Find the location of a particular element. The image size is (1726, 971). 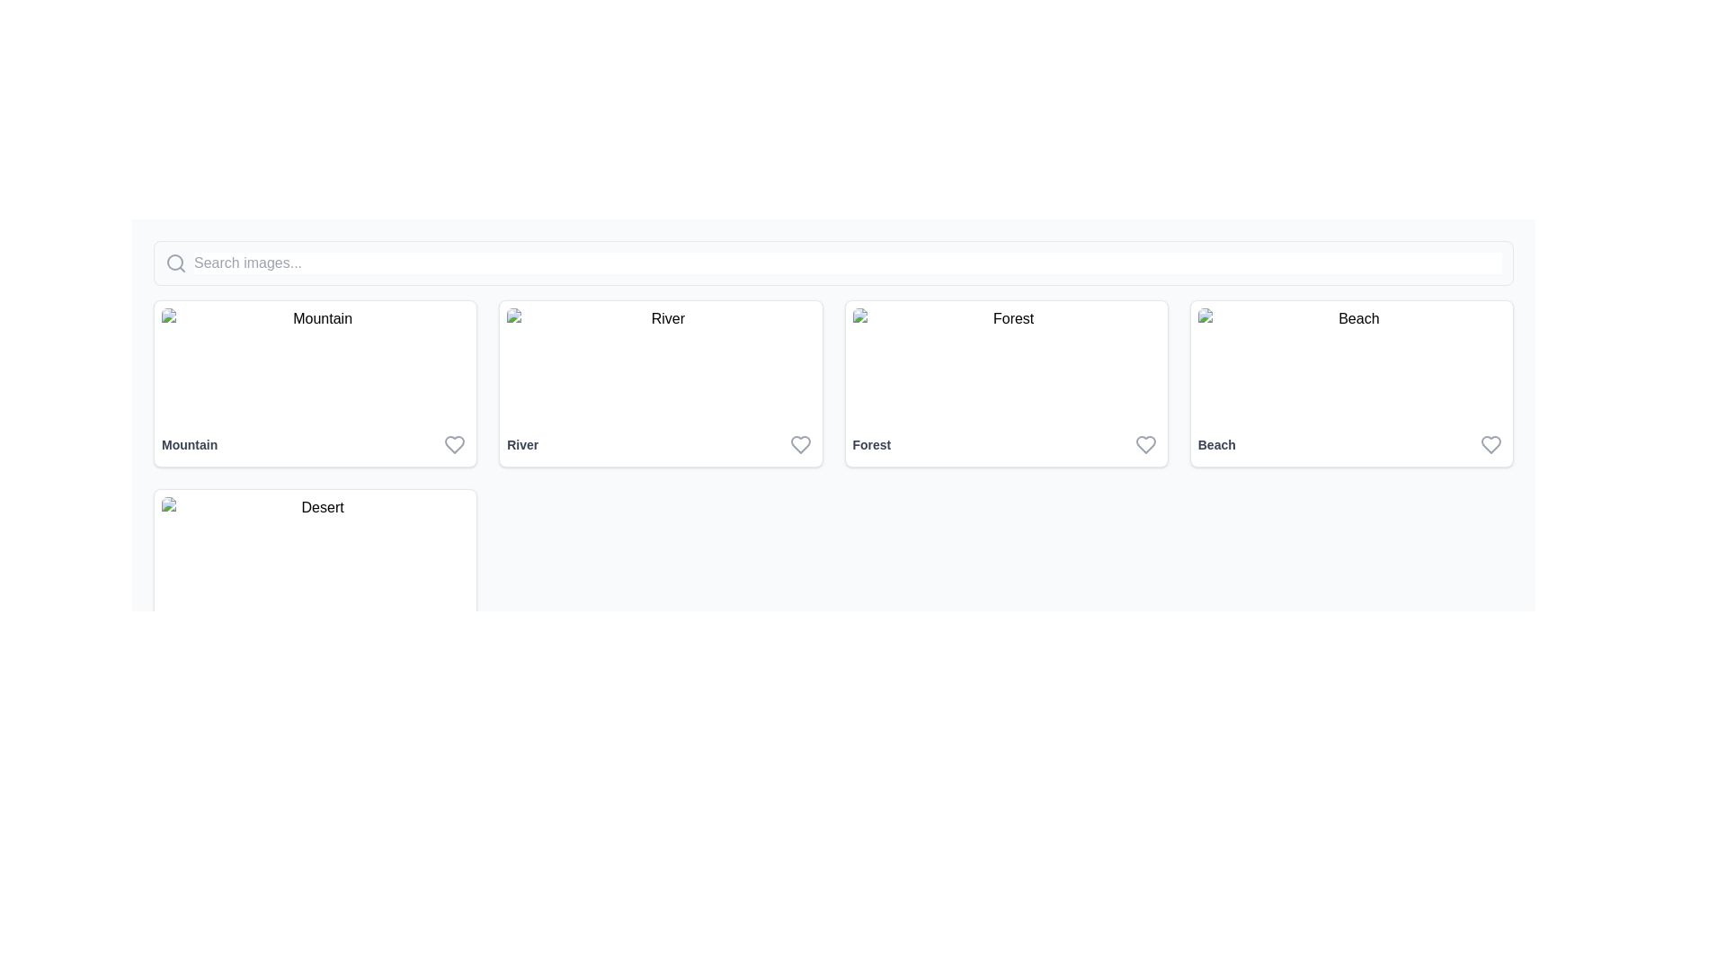

the heart icon located at the bottom right of the 'Beach' card to mark the associated content as a favorite is located at coordinates (1491, 444).